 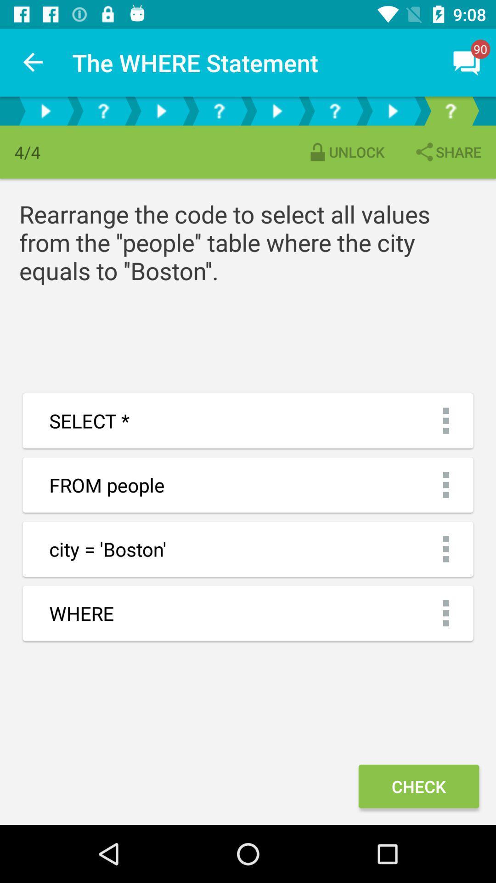 What do you see at coordinates (103, 110) in the screenshot?
I see `more info` at bounding box center [103, 110].